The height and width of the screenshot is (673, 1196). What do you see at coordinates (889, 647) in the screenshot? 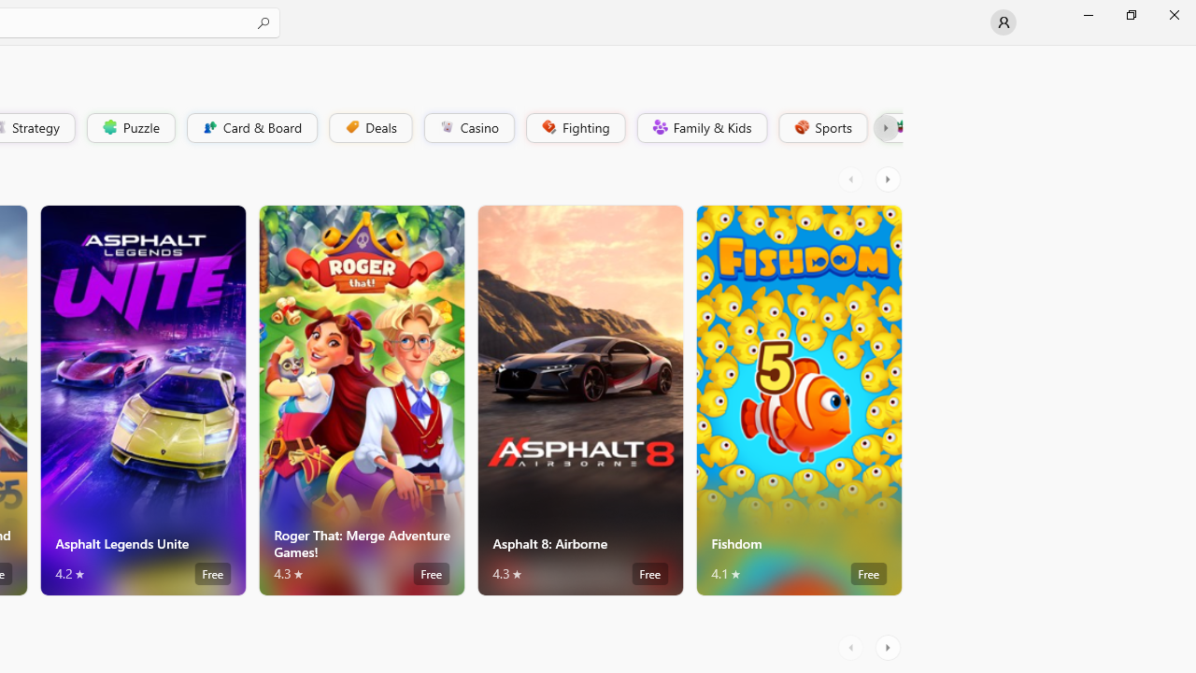
I see `'AutomationID: RightScrollButton'` at bounding box center [889, 647].